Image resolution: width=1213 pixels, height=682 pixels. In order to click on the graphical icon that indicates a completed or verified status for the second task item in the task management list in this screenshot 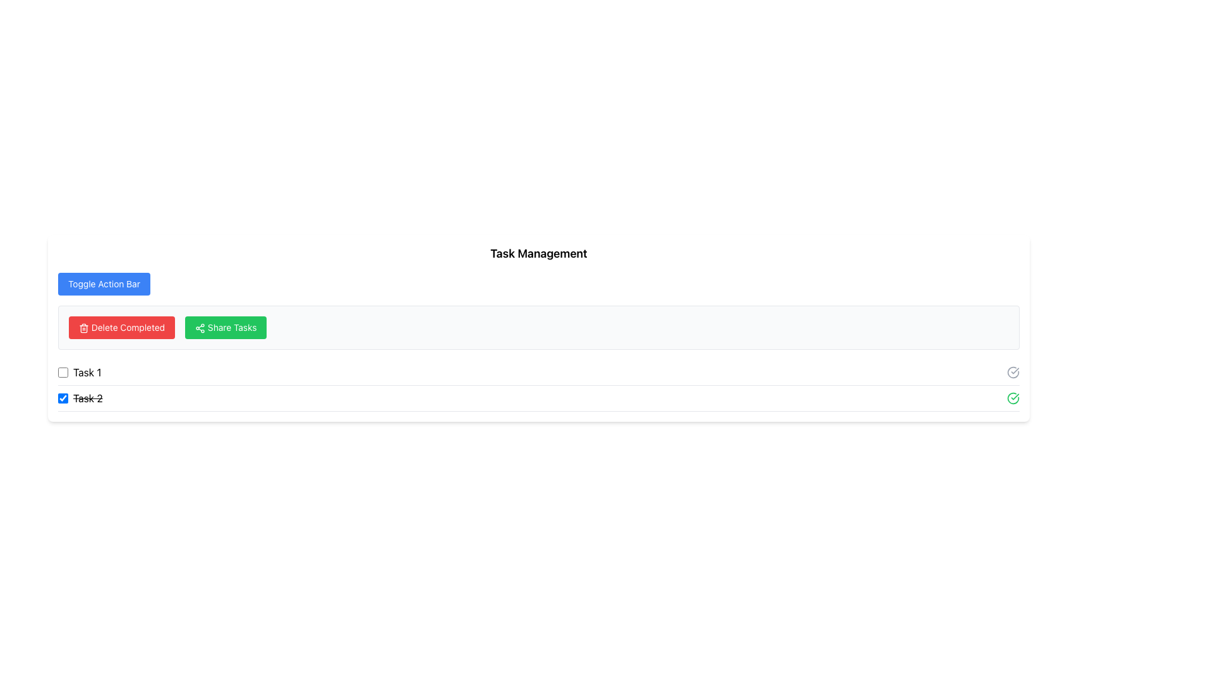, I will do `click(1013, 398)`.